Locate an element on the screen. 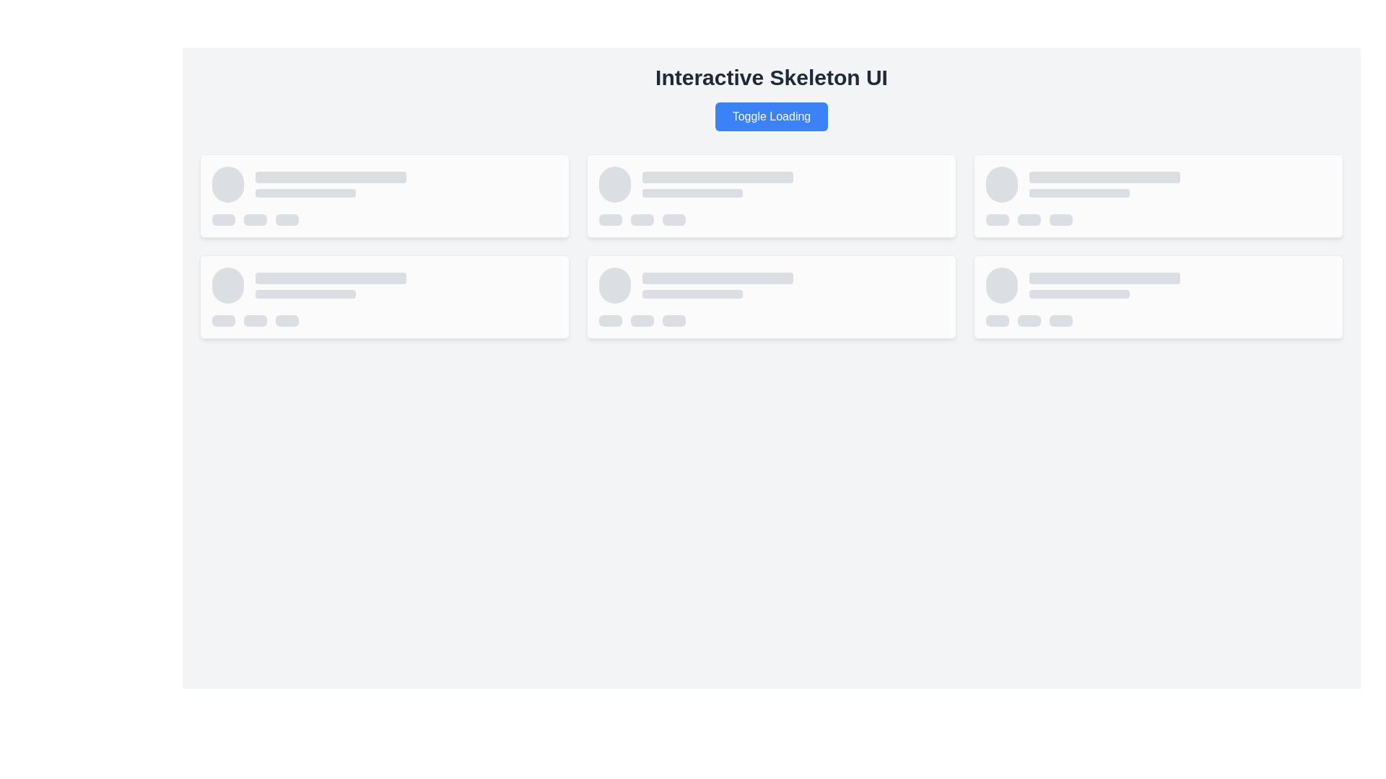 This screenshot has width=1386, height=779. the first skeleton or placeholder element in the vertical stack located in the lower portion of the middle card in the second row of the grid layout is located at coordinates (718, 278).